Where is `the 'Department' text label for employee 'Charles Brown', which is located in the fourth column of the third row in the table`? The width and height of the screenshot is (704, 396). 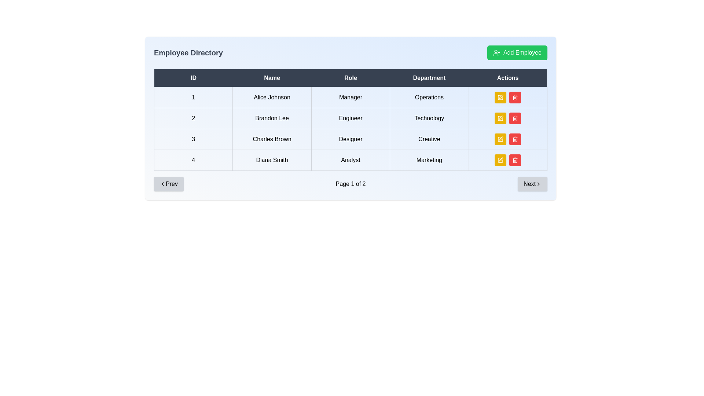
the 'Department' text label for employee 'Charles Brown', which is located in the fourth column of the third row in the table is located at coordinates (429, 139).